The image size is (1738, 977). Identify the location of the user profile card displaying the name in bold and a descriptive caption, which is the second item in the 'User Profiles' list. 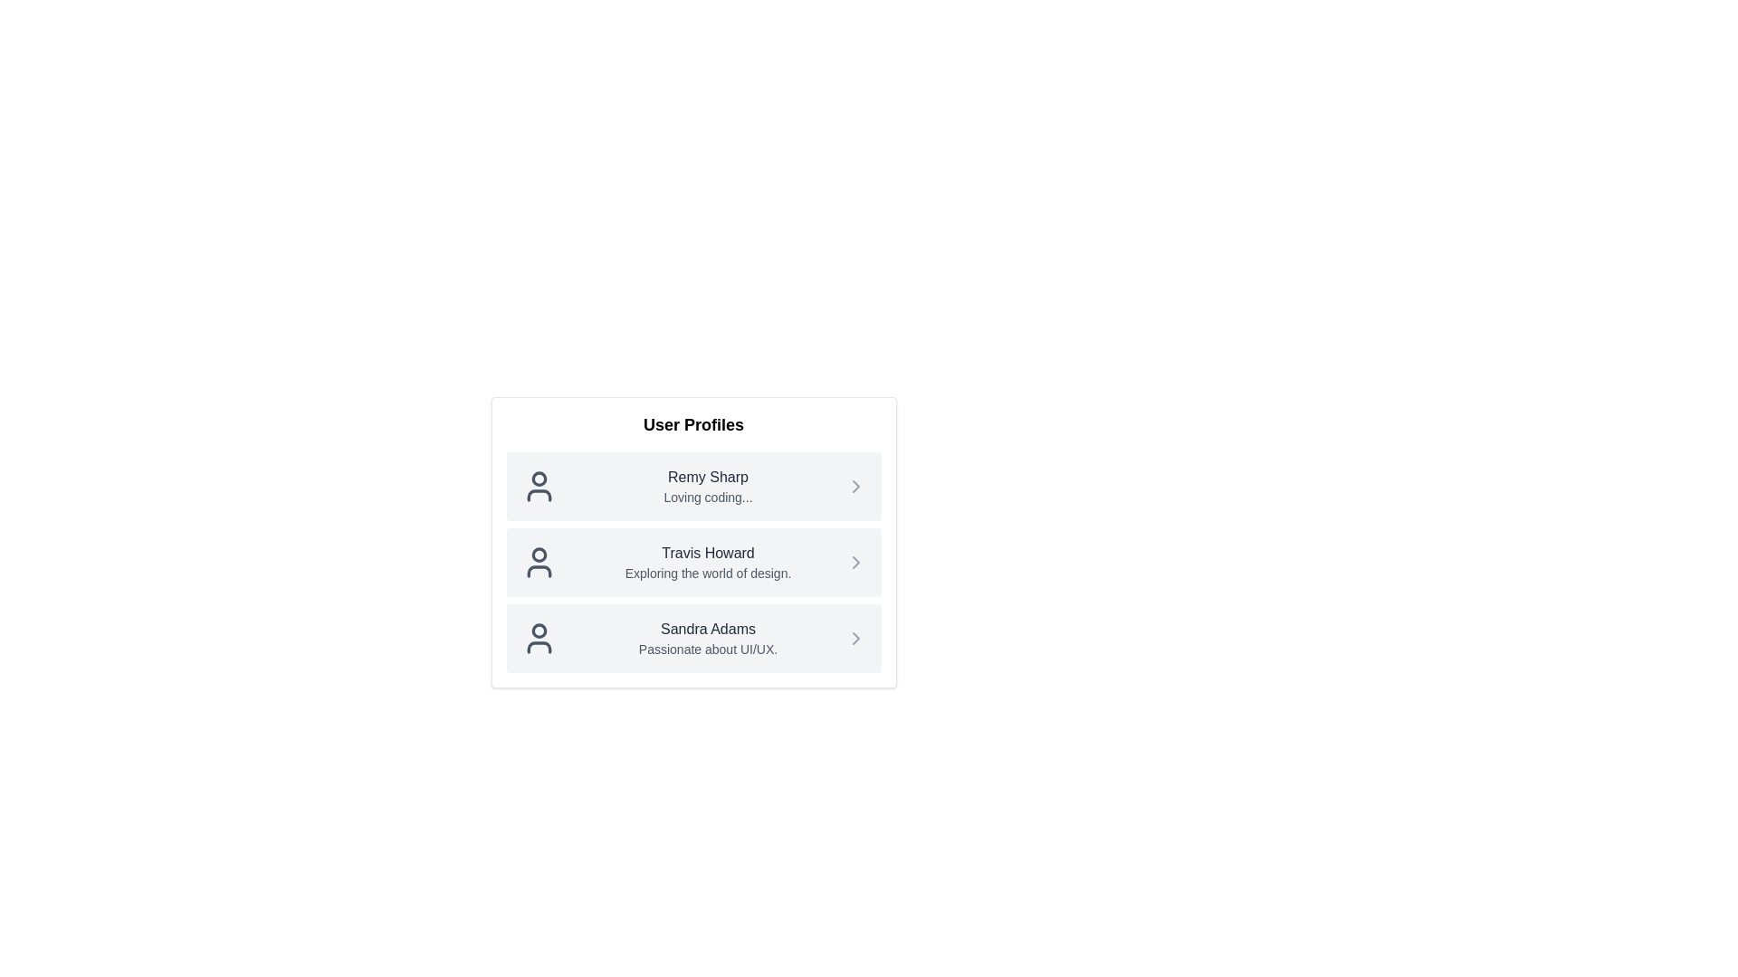
(692, 533).